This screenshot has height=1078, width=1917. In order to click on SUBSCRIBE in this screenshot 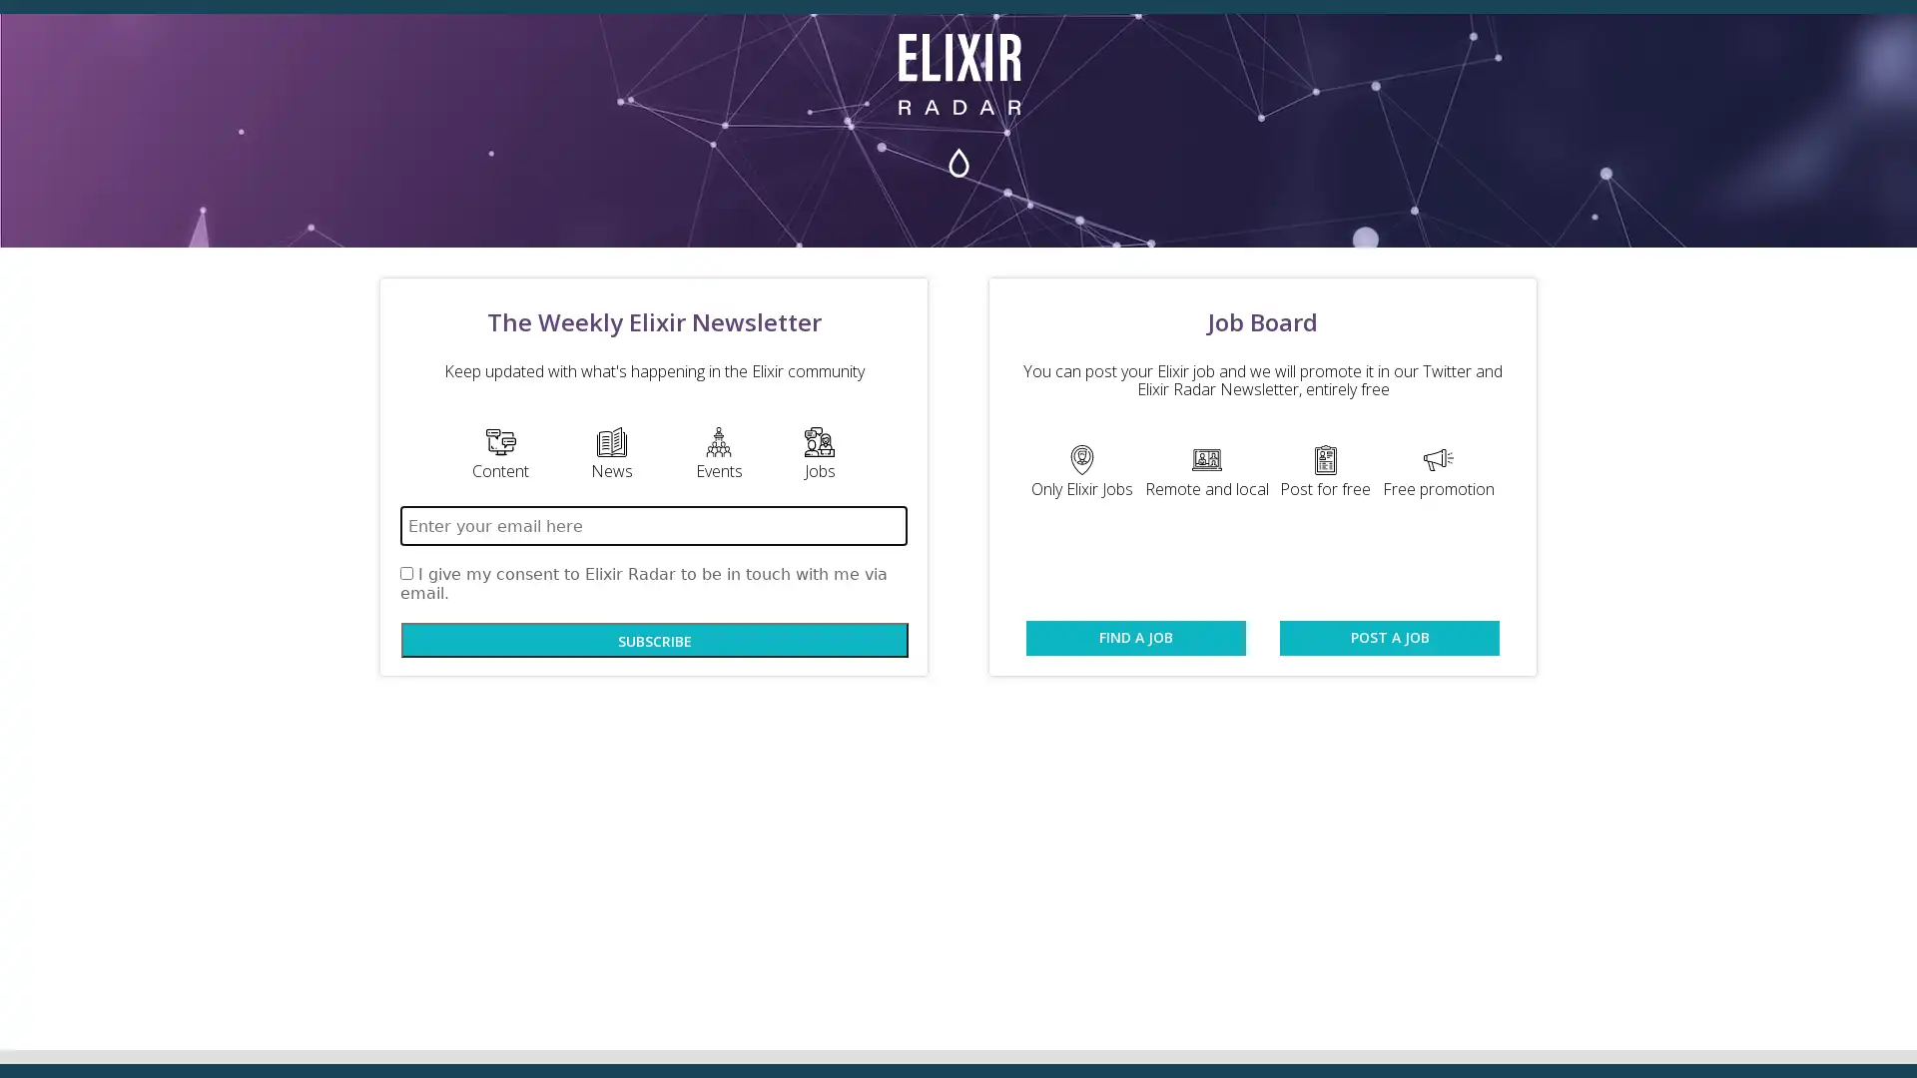, I will do `click(655, 640)`.